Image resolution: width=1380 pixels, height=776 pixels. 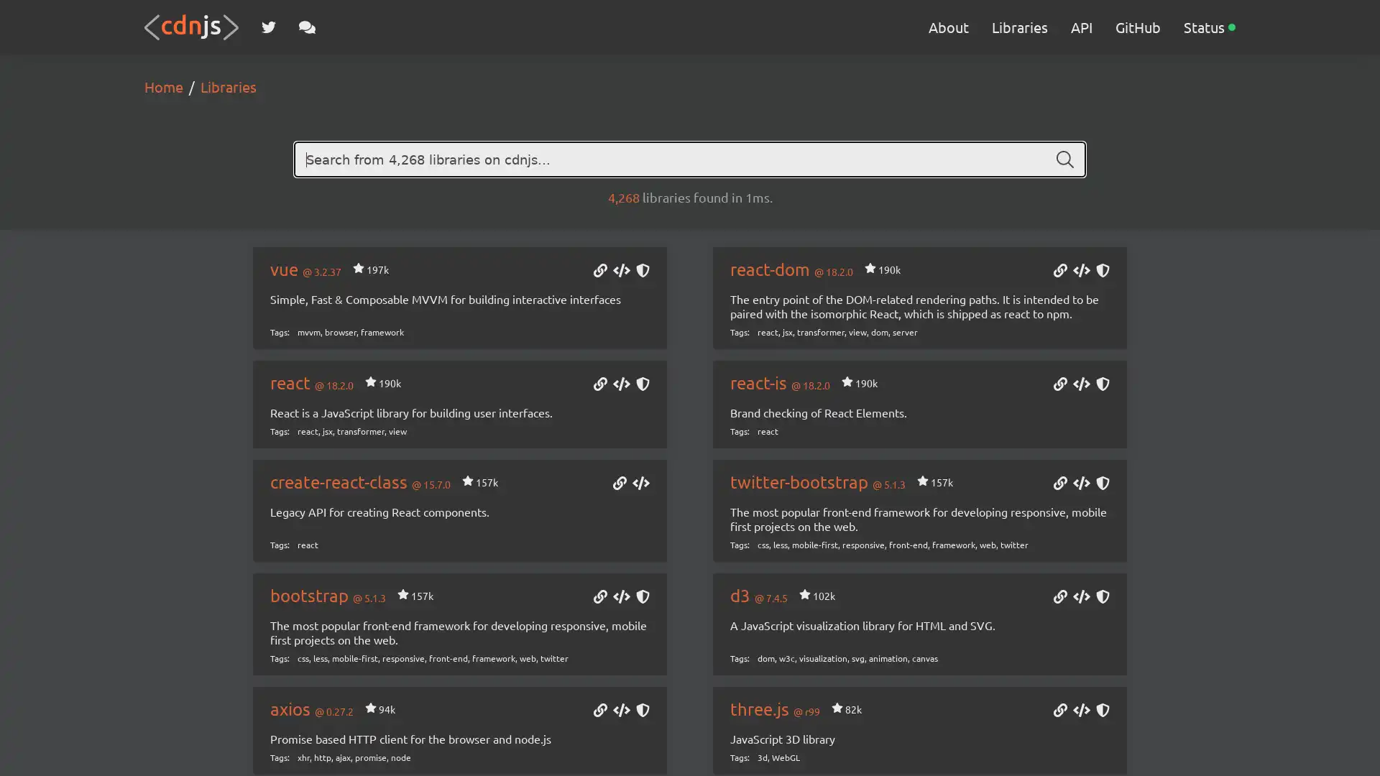 I want to click on Copy URL, so click(x=620, y=484).